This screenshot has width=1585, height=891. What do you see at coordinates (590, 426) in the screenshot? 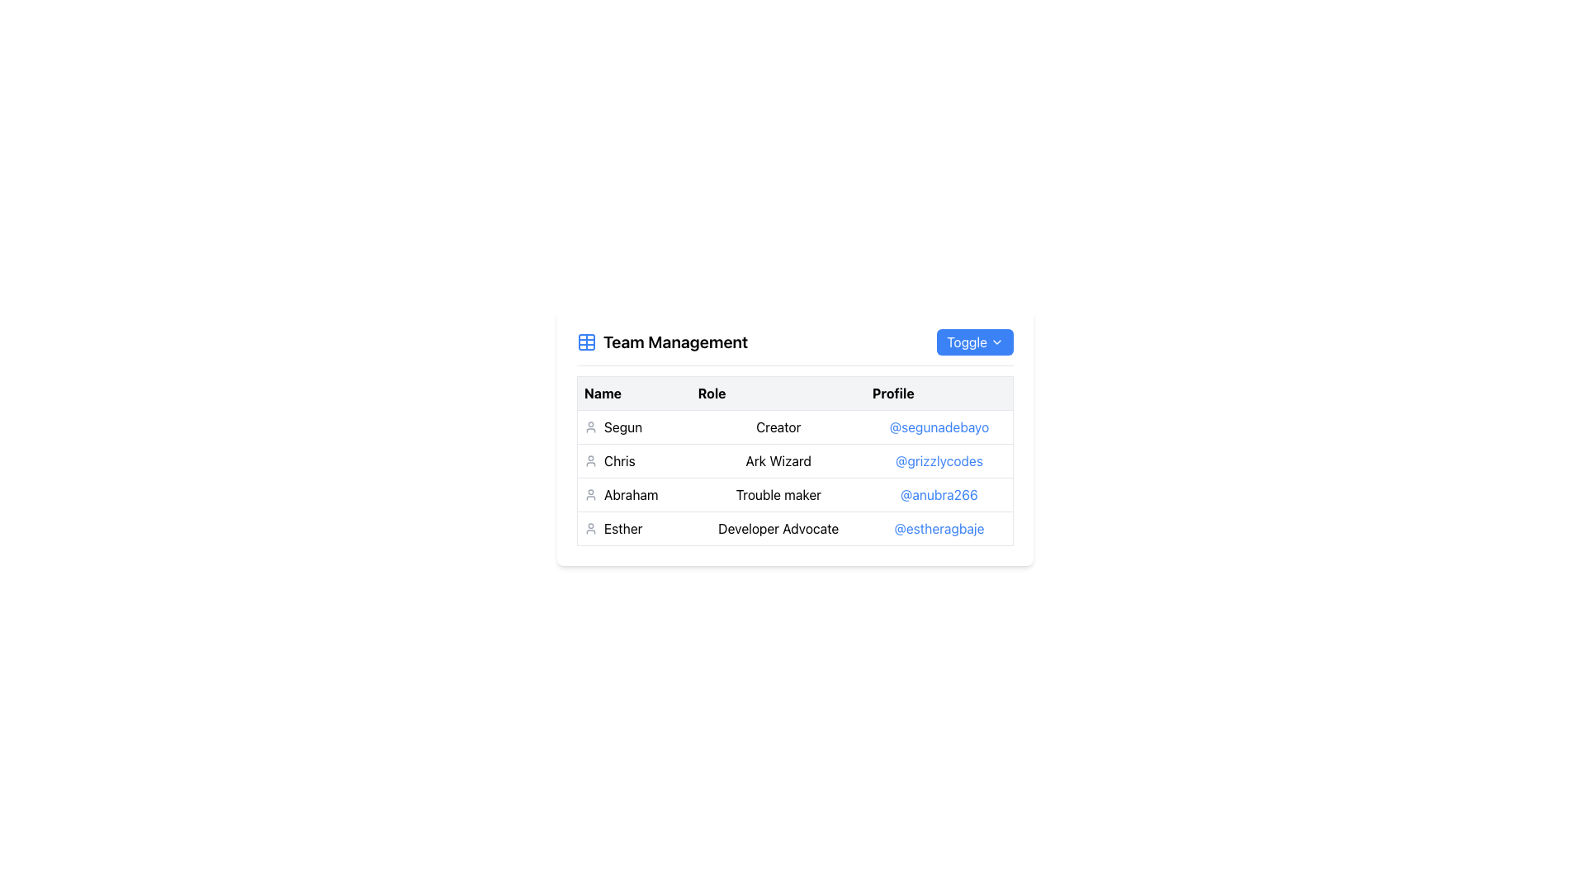
I see `the user profile icon, which is a gray minimalistic representation located to the left of the text 'Segun' in the 'Team Management' table` at bounding box center [590, 426].